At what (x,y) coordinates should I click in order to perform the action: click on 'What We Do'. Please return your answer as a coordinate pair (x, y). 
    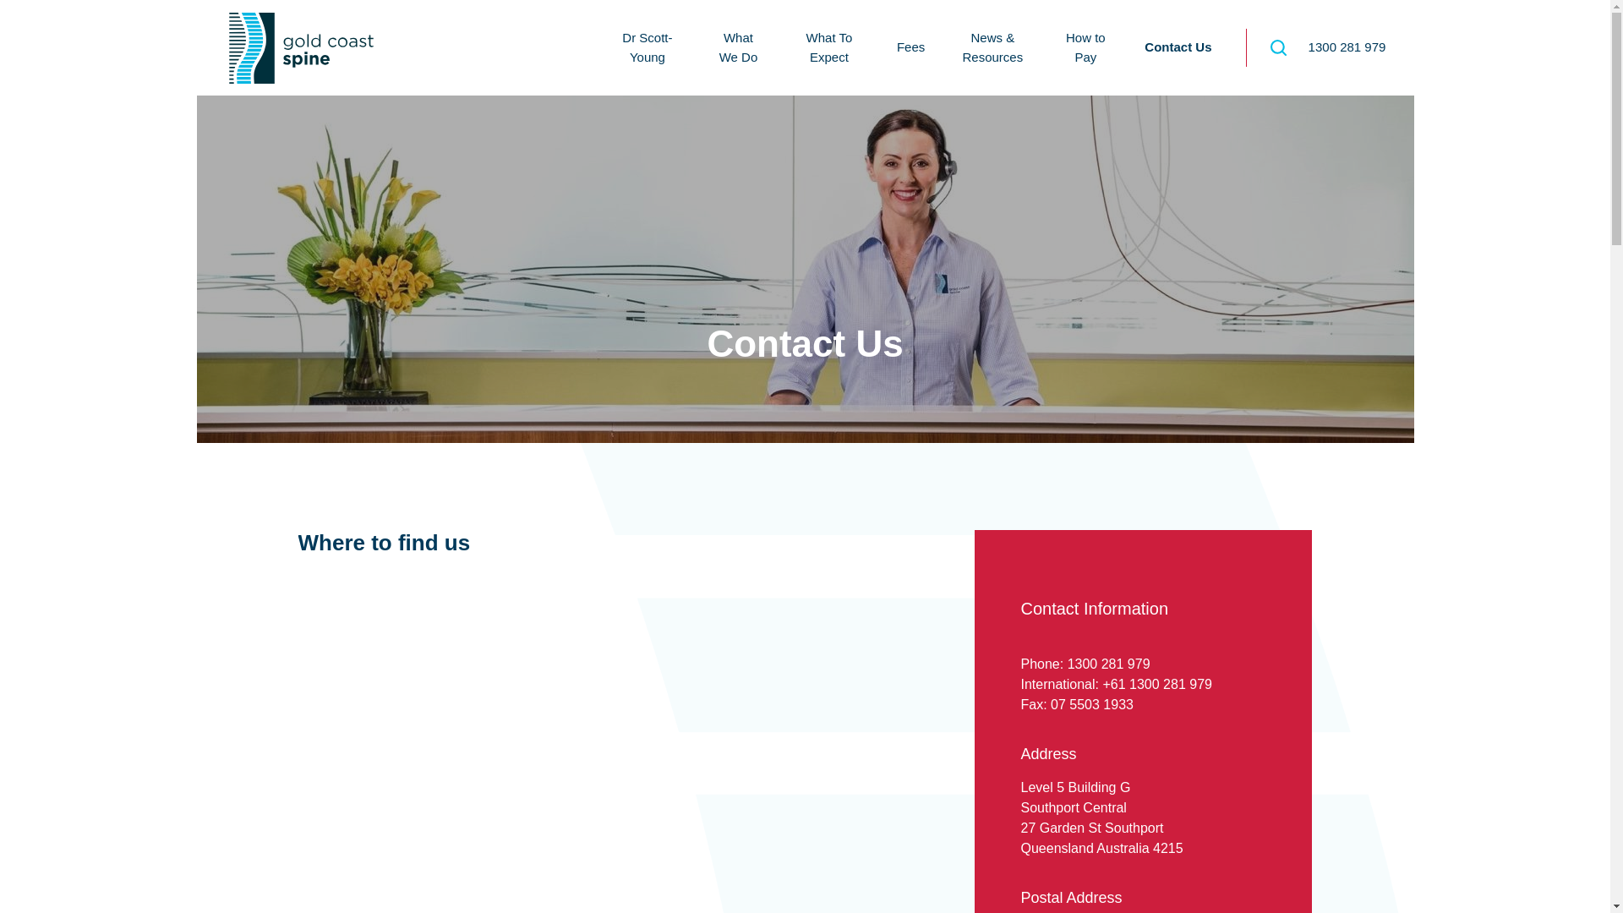
    Looking at the image, I should click on (738, 46).